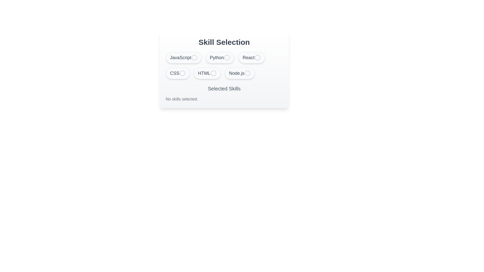 The height and width of the screenshot is (272, 484). I want to click on the radio button for the 'React' skill selection indicator, so click(257, 57).